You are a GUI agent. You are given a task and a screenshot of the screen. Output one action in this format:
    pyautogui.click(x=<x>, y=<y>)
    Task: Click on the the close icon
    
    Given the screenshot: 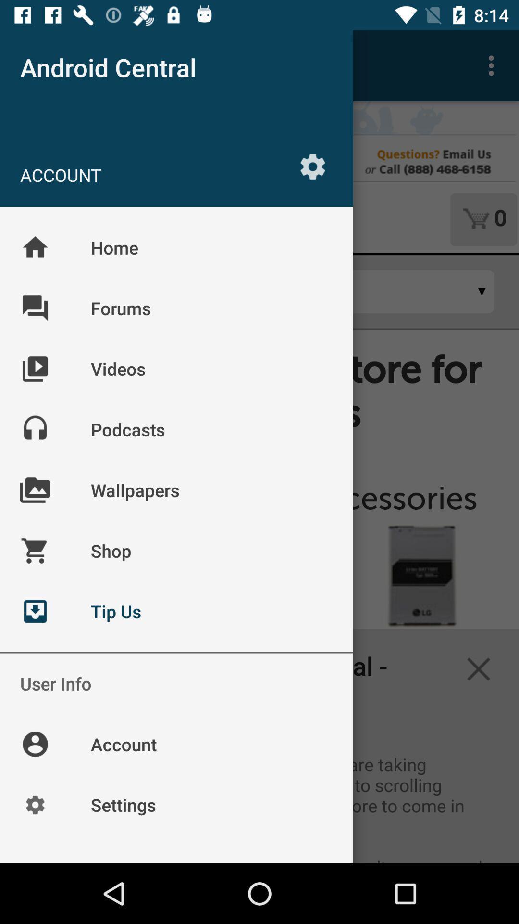 What is the action you would take?
    pyautogui.click(x=478, y=668)
    